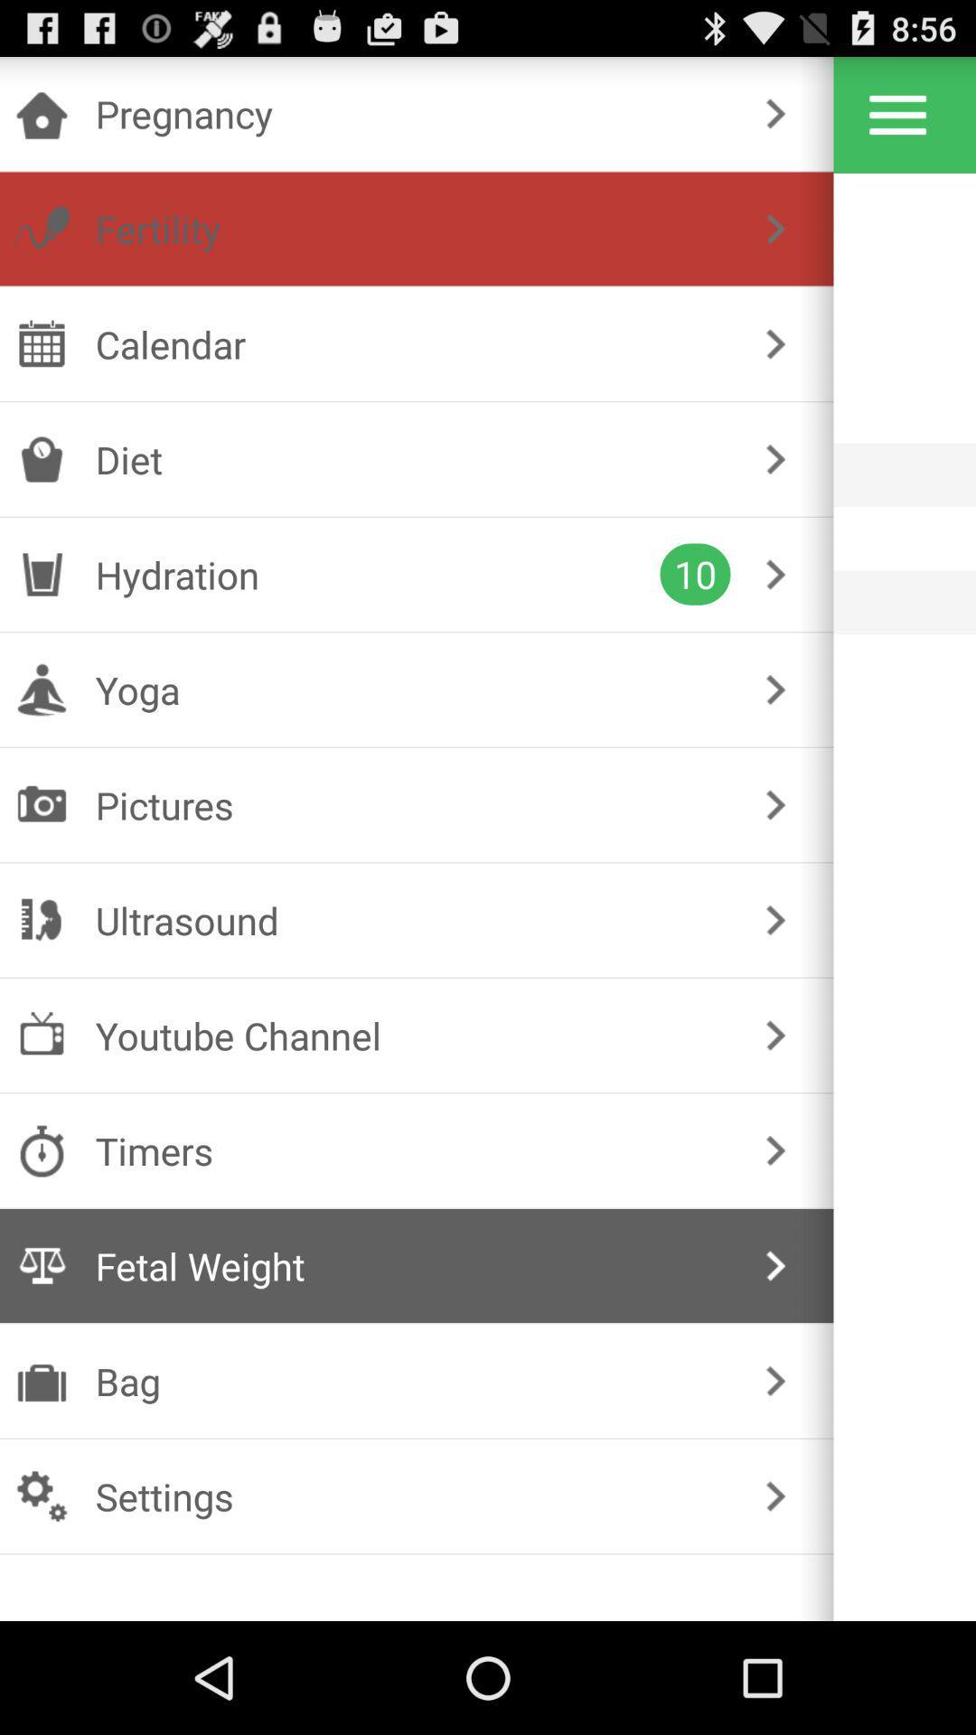  What do you see at coordinates (897, 122) in the screenshot?
I see `the menu icon` at bounding box center [897, 122].